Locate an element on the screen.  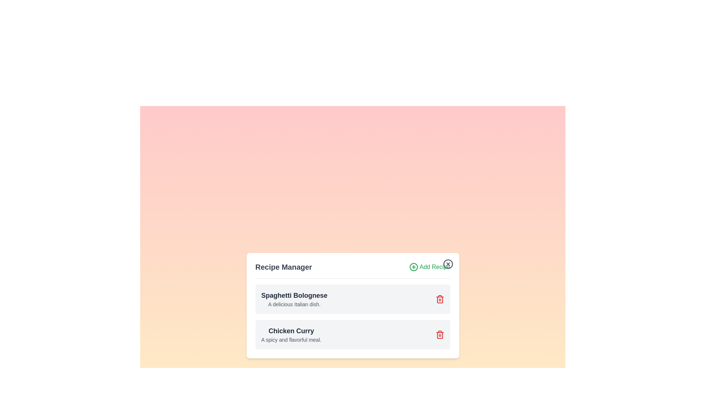
the SVG circle that serves as the 'close' or 'delete' icon located at the top-right corner of the 'Recipe Manager' card interface is located at coordinates (447, 263).